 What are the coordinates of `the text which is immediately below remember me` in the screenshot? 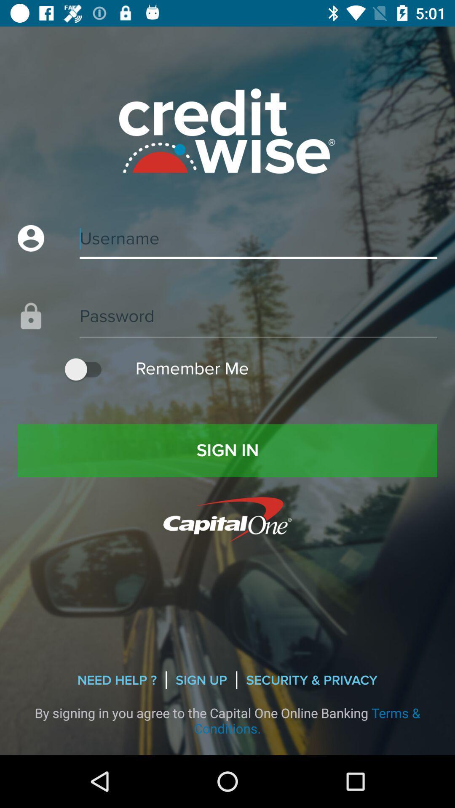 It's located at (227, 450).